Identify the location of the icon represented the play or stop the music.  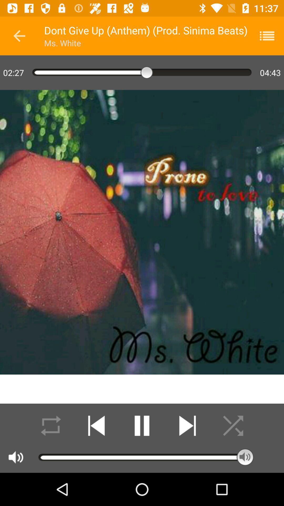
(142, 426).